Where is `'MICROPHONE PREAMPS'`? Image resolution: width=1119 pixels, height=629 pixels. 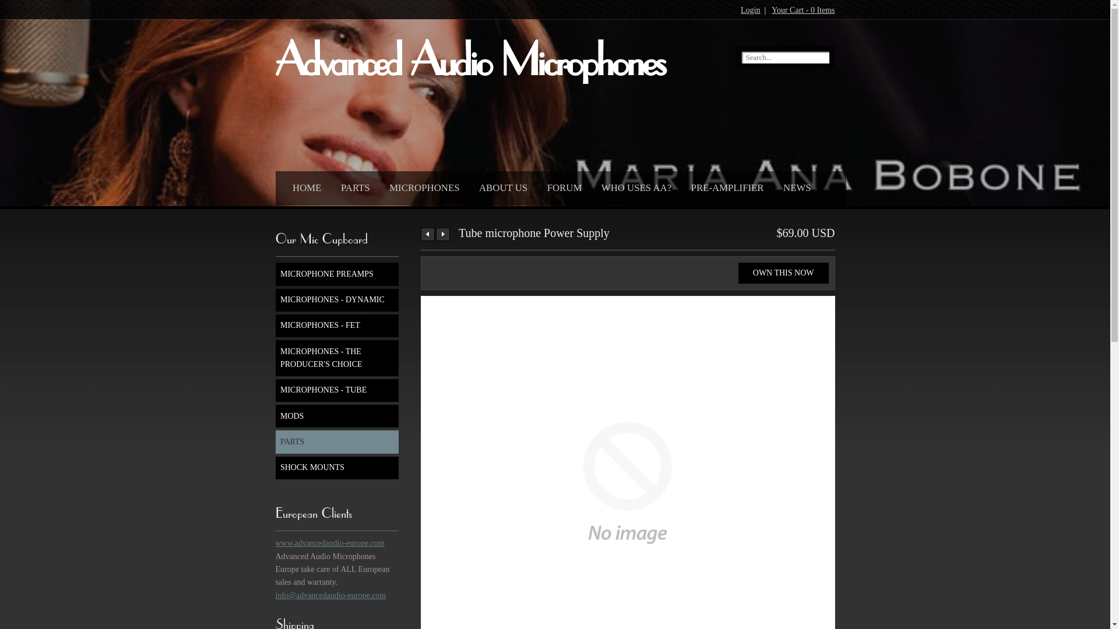
'MICROPHONE PREAMPS' is located at coordinates (336, 274).